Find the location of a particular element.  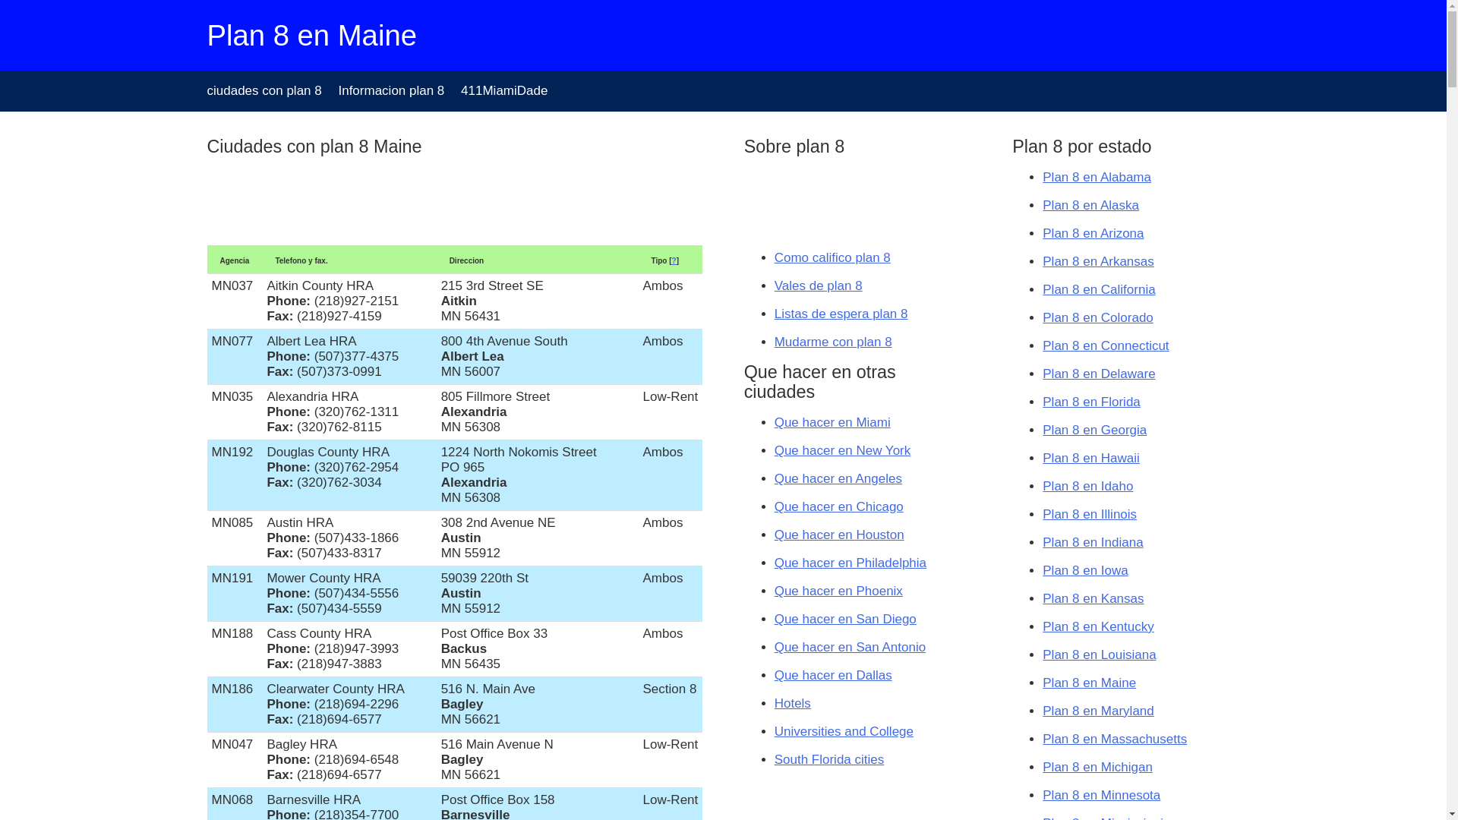

'Cass County HRA' is located at coordinates (318, 633).